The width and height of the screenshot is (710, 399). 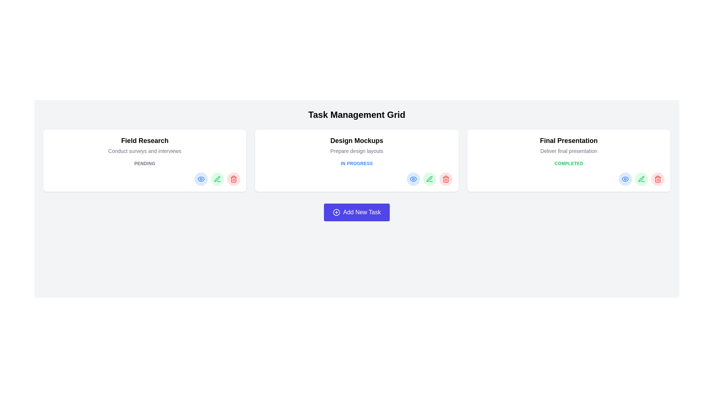 I want to click on the Text block that represents a task or project in the task management system, located centrally between 'Field Research' and 'Final Presentation', so click(x=356, y=145).